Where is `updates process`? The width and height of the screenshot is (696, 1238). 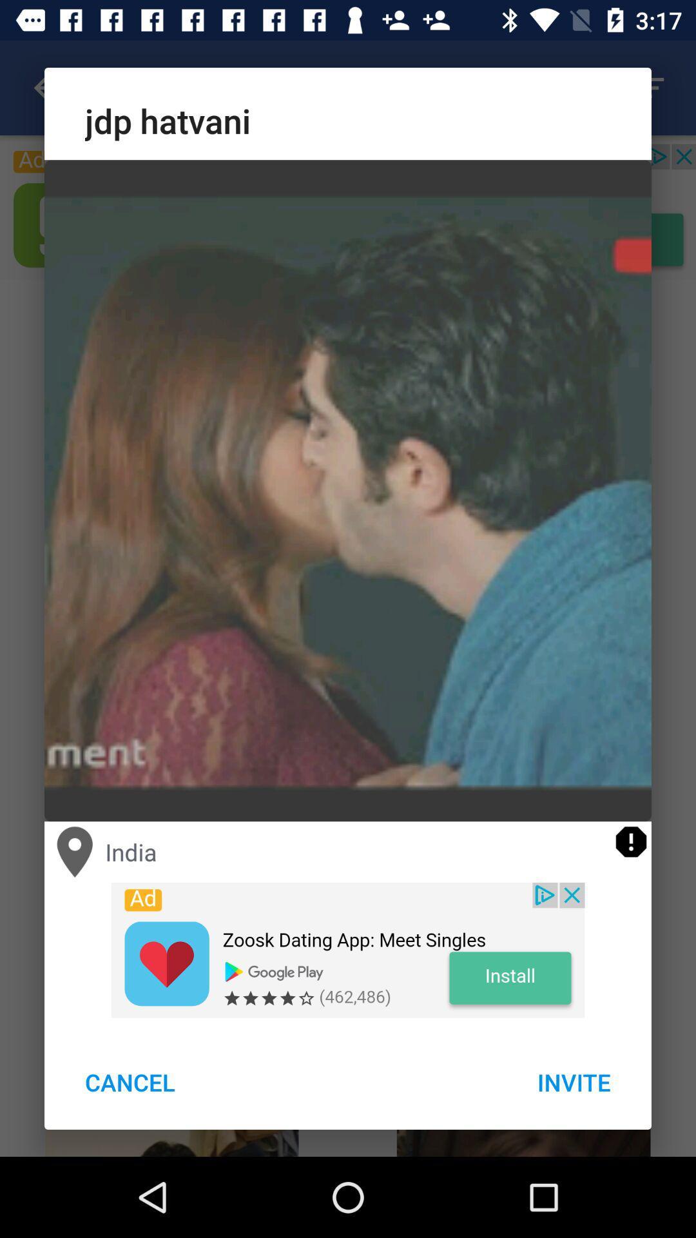 updates process is located at coordinates (630, 841).